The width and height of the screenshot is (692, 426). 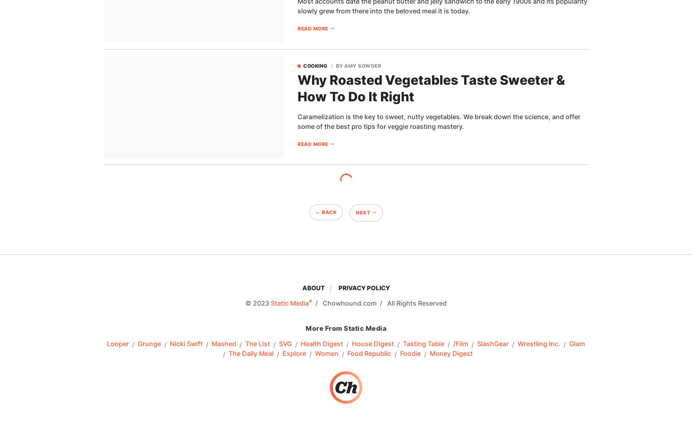 I want to click on 'Explore', so click(x=294, y=353).